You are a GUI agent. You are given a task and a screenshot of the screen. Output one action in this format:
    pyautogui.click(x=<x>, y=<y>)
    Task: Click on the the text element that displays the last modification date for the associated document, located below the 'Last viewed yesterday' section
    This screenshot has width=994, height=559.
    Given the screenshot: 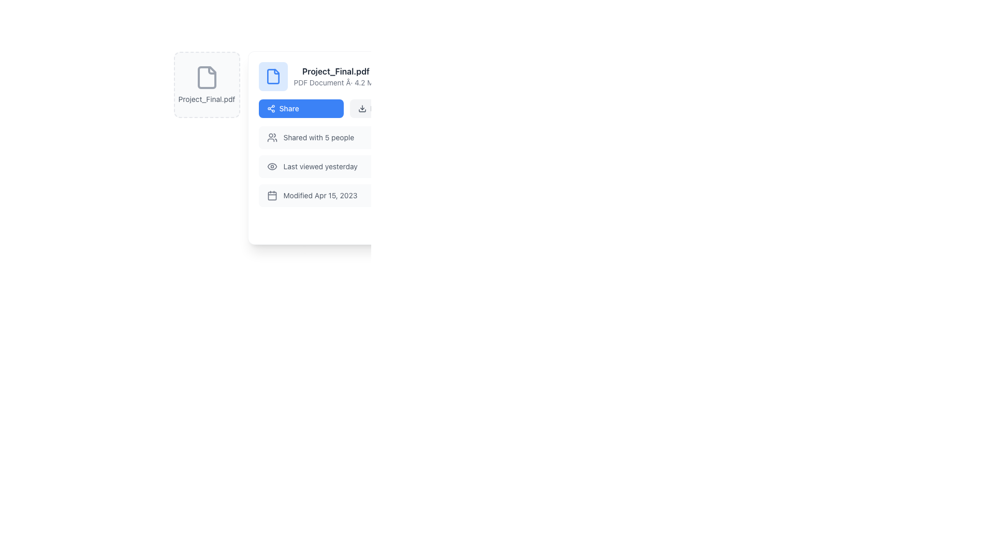 What is the action you would take?
    pyautogui.click(x=346, y=196)
    